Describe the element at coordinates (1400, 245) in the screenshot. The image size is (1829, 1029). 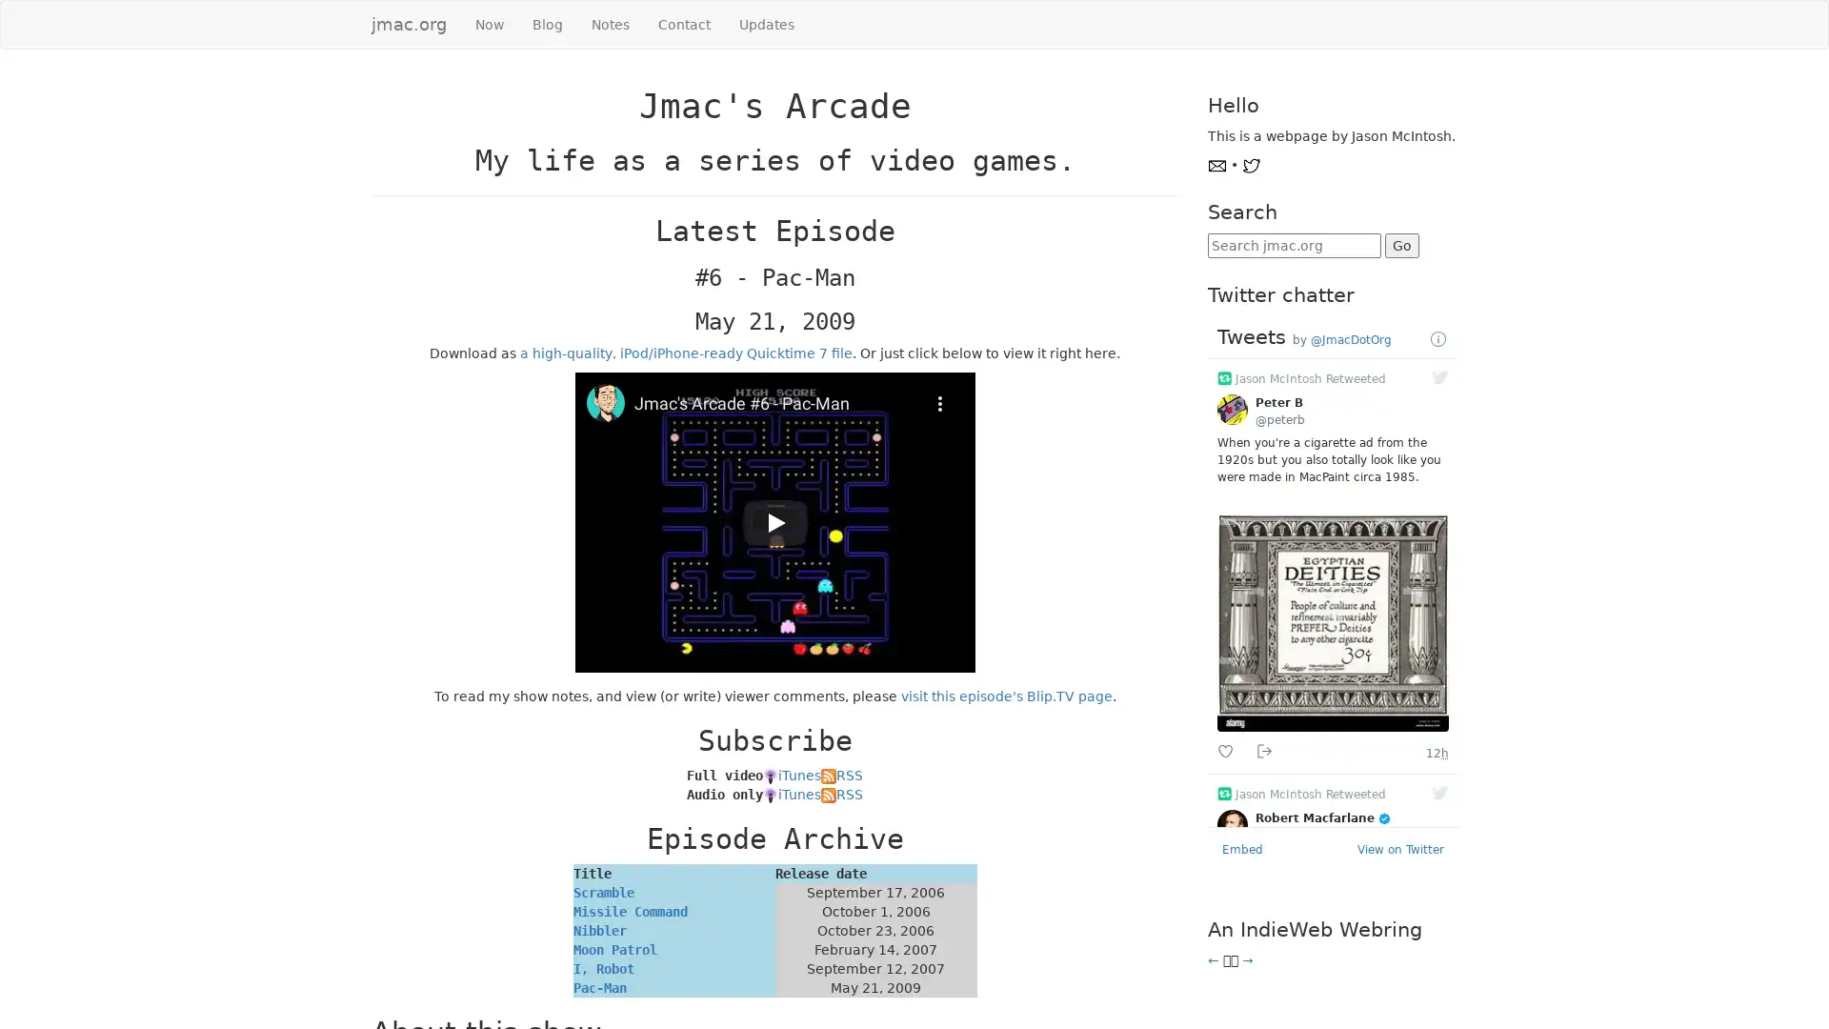
I see `Go` at that location.